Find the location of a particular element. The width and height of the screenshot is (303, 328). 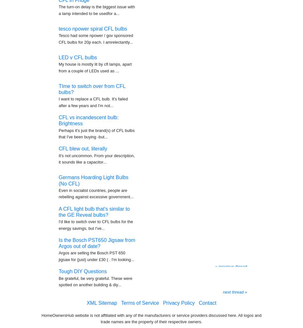

'Be grateful, be very grateful. These were spotted on another building & diy...' is located at coordinates (95, 278).